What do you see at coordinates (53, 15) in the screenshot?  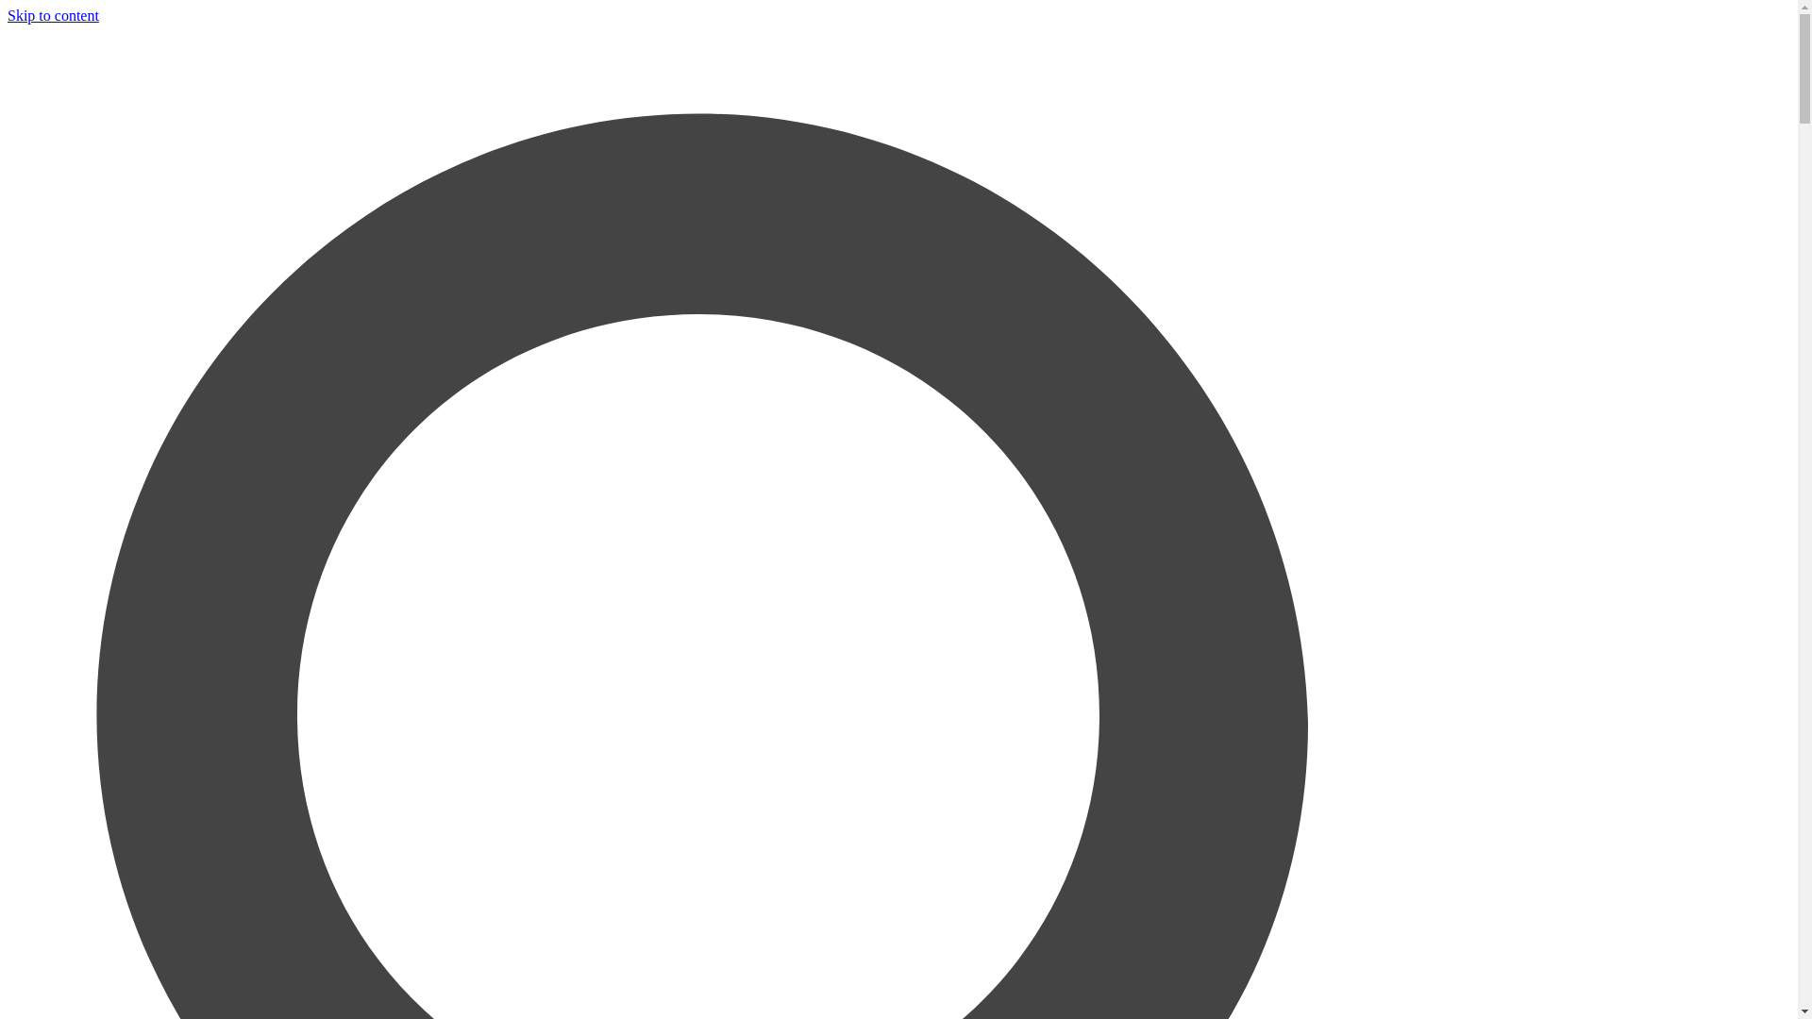 I see `'Skip to content'` at bounding box center [53, 15].